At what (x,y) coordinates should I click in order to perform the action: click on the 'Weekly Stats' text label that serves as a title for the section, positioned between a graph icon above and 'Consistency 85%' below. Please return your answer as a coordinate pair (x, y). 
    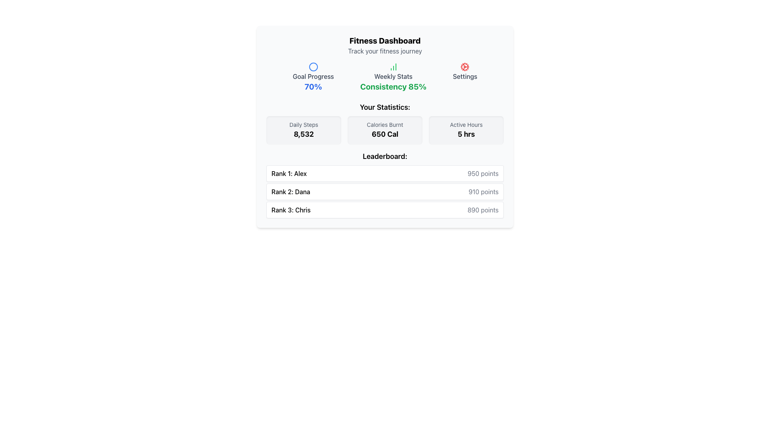
    Looking at the image, I should click on (393, 76).